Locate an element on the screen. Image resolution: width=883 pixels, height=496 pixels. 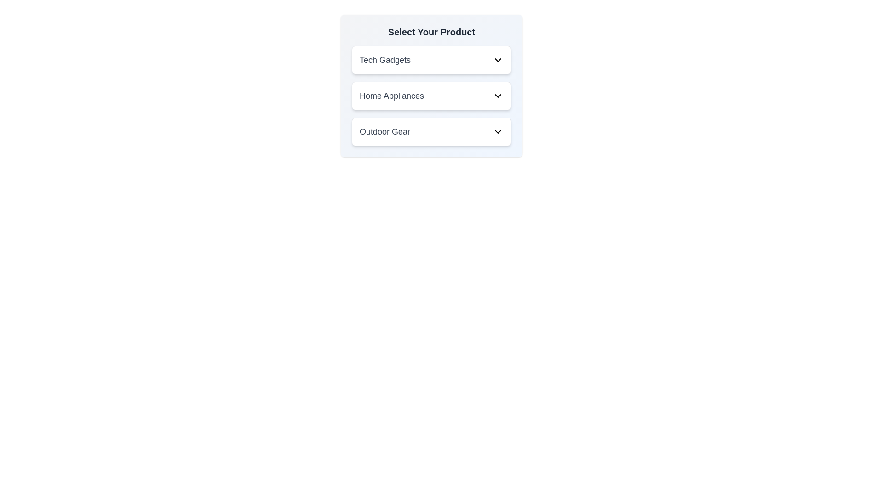
the dropdown menu for 'Home Appliances' located below 'Tech Gadgets' and above 'Outdoor Gear' is located at coordinates (431, 85).